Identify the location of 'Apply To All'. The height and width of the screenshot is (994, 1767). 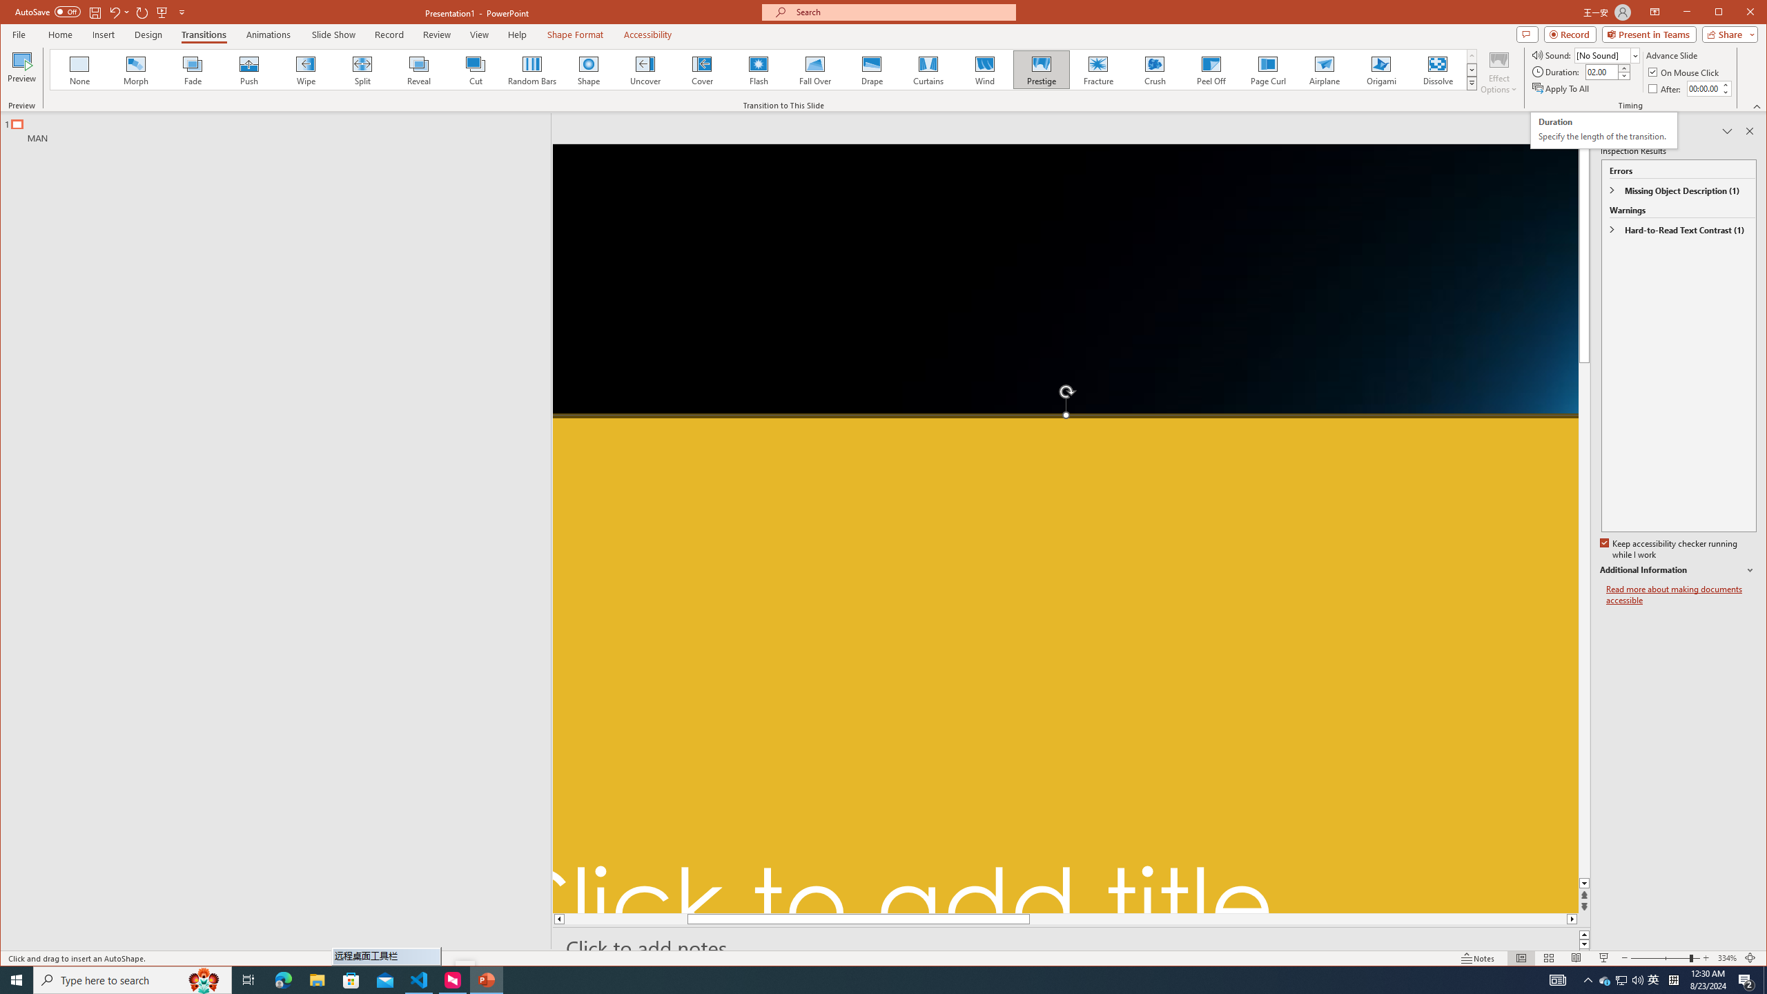
(1561, 88).